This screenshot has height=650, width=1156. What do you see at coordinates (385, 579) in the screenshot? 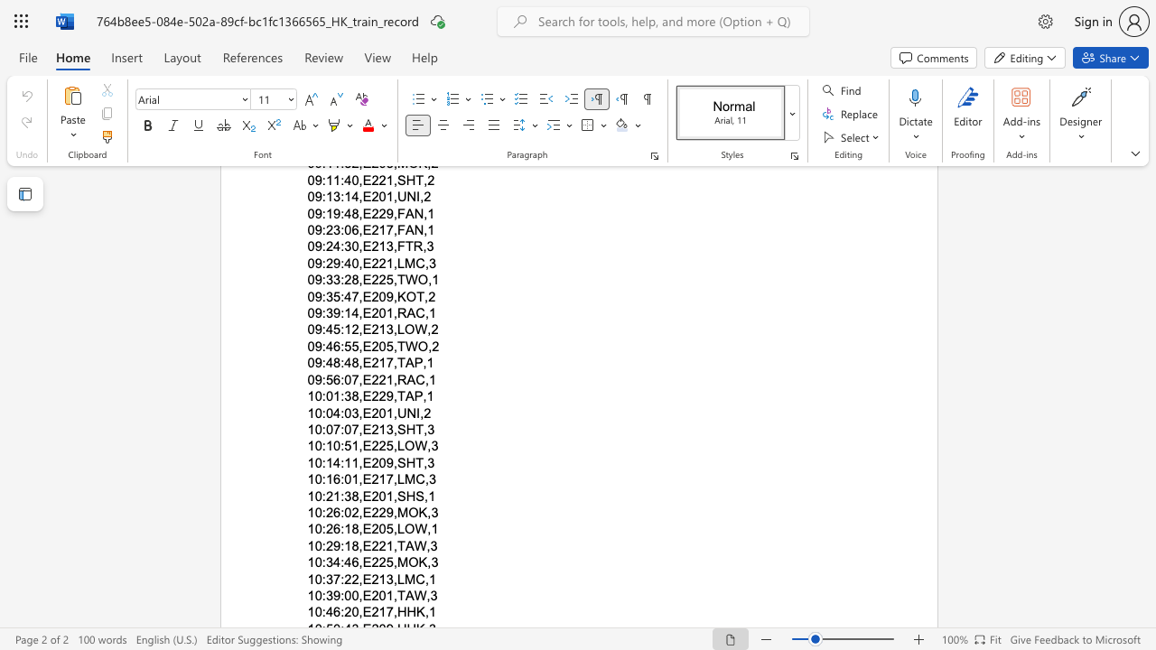
I see `the space between the continuous character "1" and "3" in the text` at bounding box center [385, 579].